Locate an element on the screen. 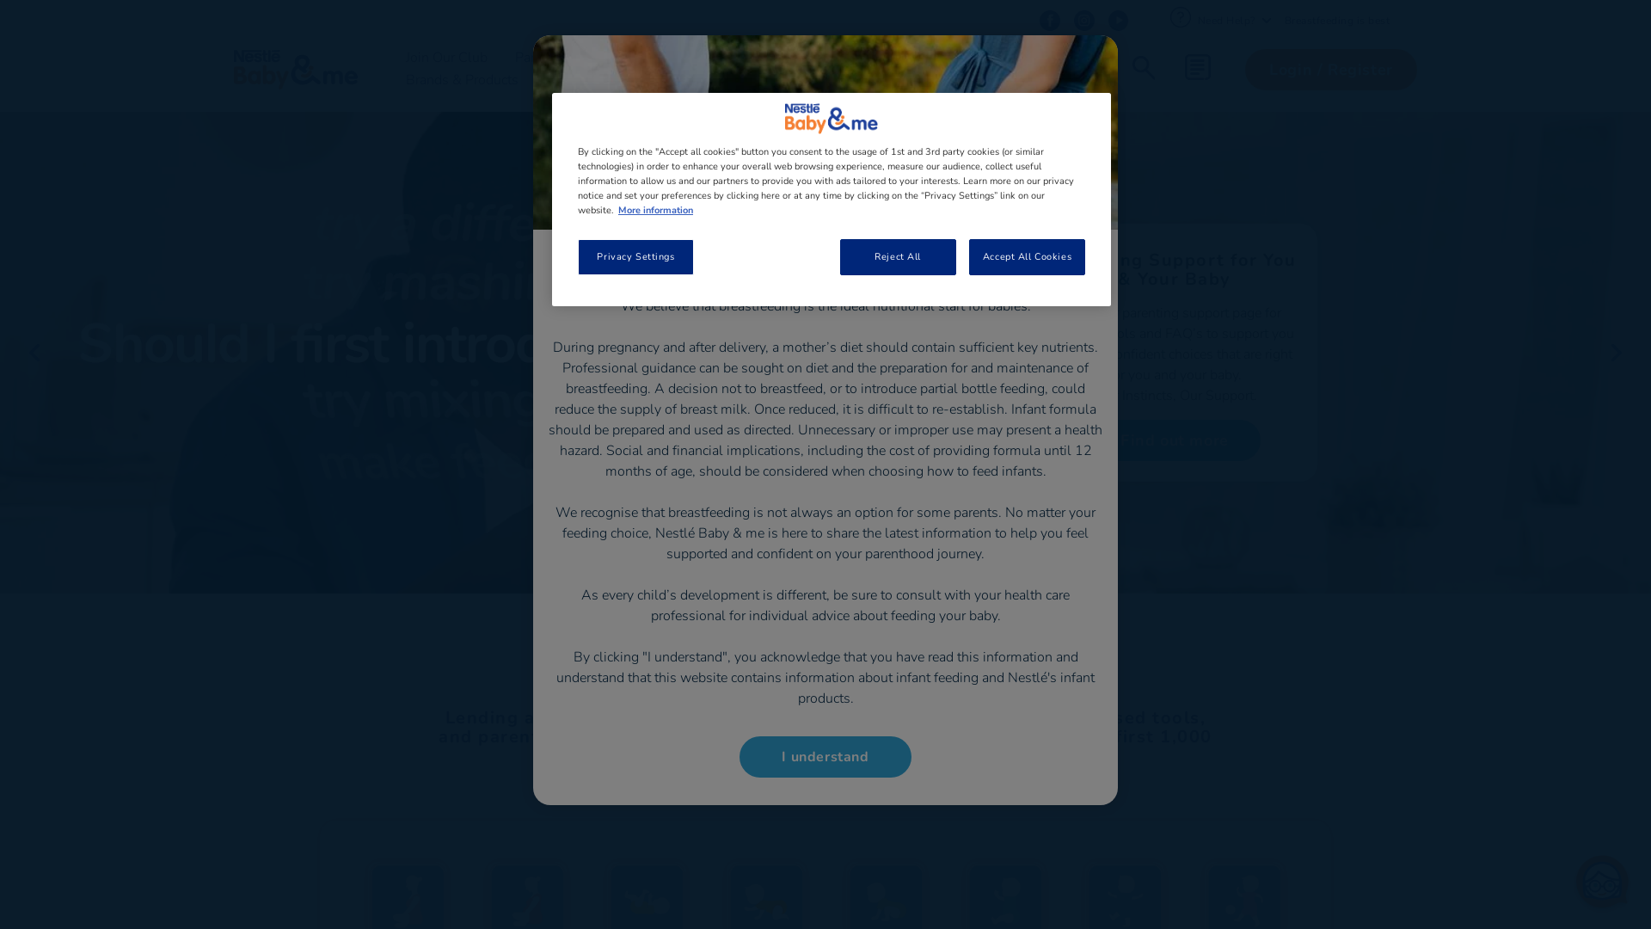 The image size is (1651, 929). '4' is located at coordinates (838, 620).